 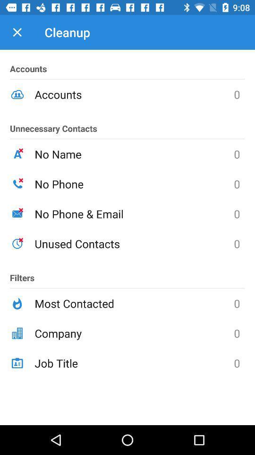 What do you see at coordinates (134, 333) in the screenshot?
I see `company item` at bounding box center [134, 333].